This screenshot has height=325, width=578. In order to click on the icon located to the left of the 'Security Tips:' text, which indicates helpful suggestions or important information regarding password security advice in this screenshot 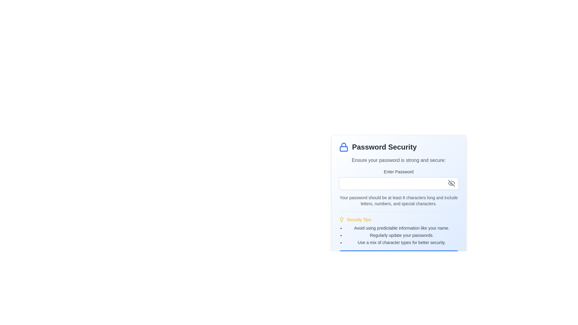, I will do `click(341, 219)`.